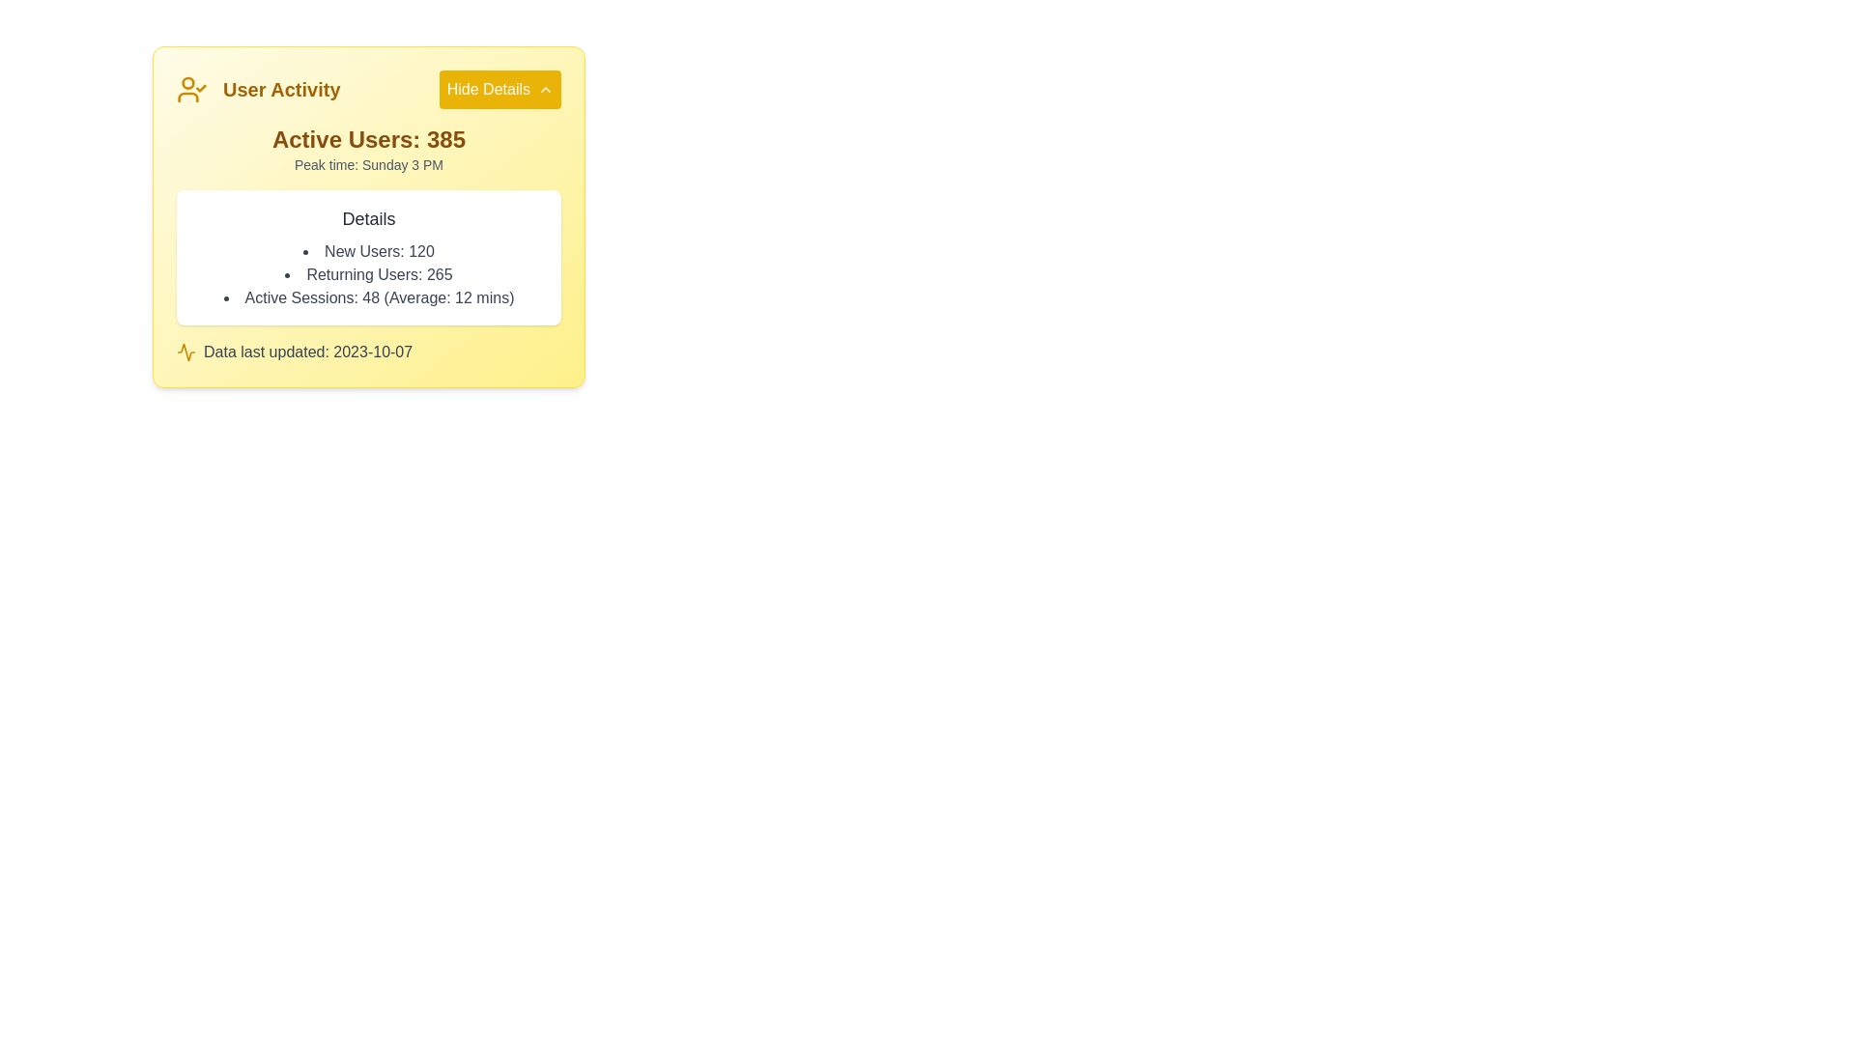 The image size is (1855, 1043). Describe the element at coordinates (369, 251) in the screenshot. I see `the Text Display with Bullet Point displaying 'New Users: 120', which is the first item in a list under the 'Details' header, located in a yellow box` at that location.